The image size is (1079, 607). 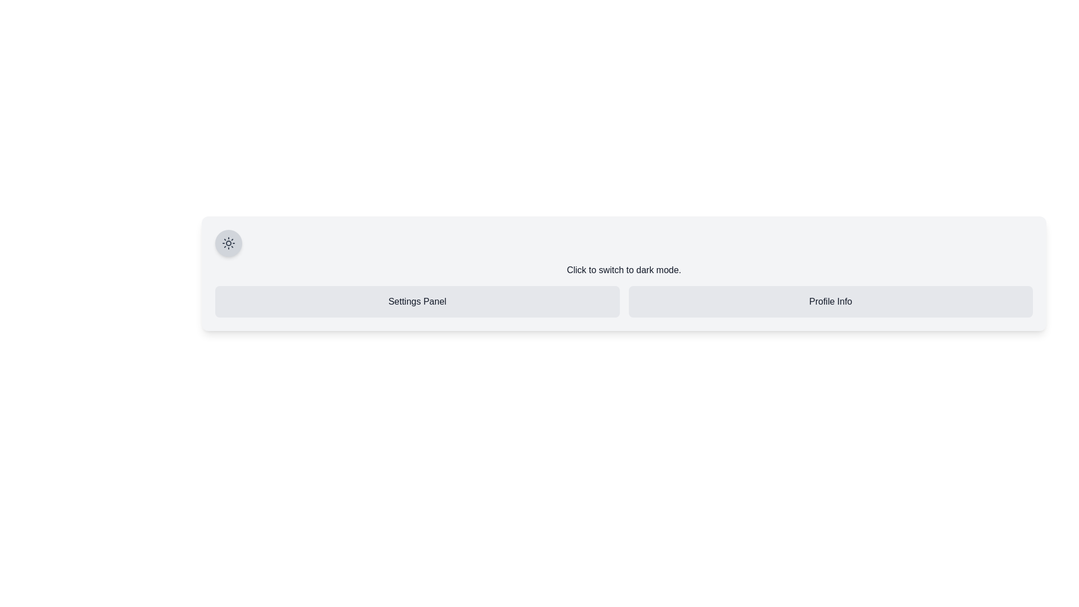 What do you see at coordinates (416, 301) in the screenshot?
I see `the text label that serves as a section header for the settings area, positioned on the left side of the layout, before the 'Profile Info' label` at bounding box center [416, 301].